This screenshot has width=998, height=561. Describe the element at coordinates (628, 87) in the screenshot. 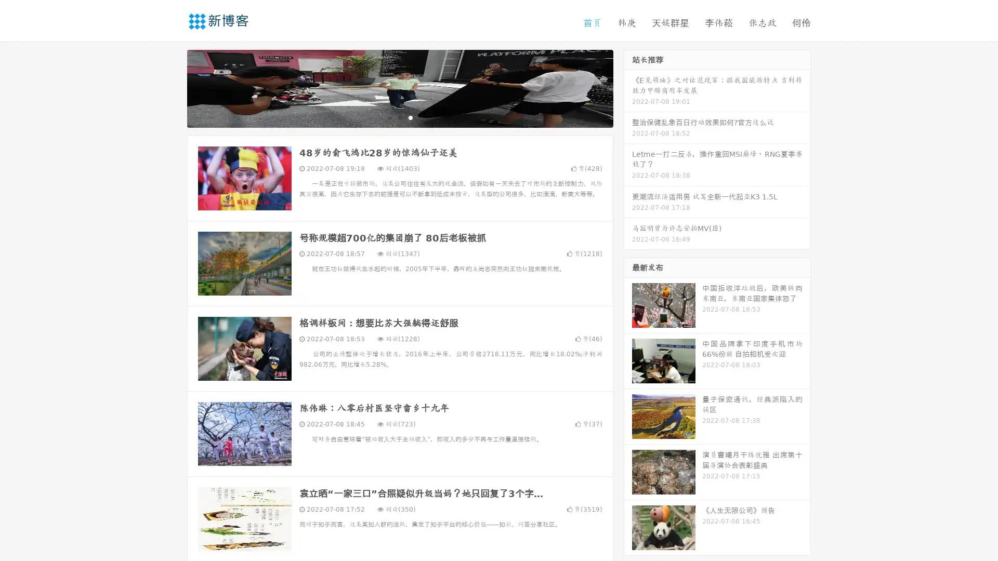

I see `Next slide` at that location.